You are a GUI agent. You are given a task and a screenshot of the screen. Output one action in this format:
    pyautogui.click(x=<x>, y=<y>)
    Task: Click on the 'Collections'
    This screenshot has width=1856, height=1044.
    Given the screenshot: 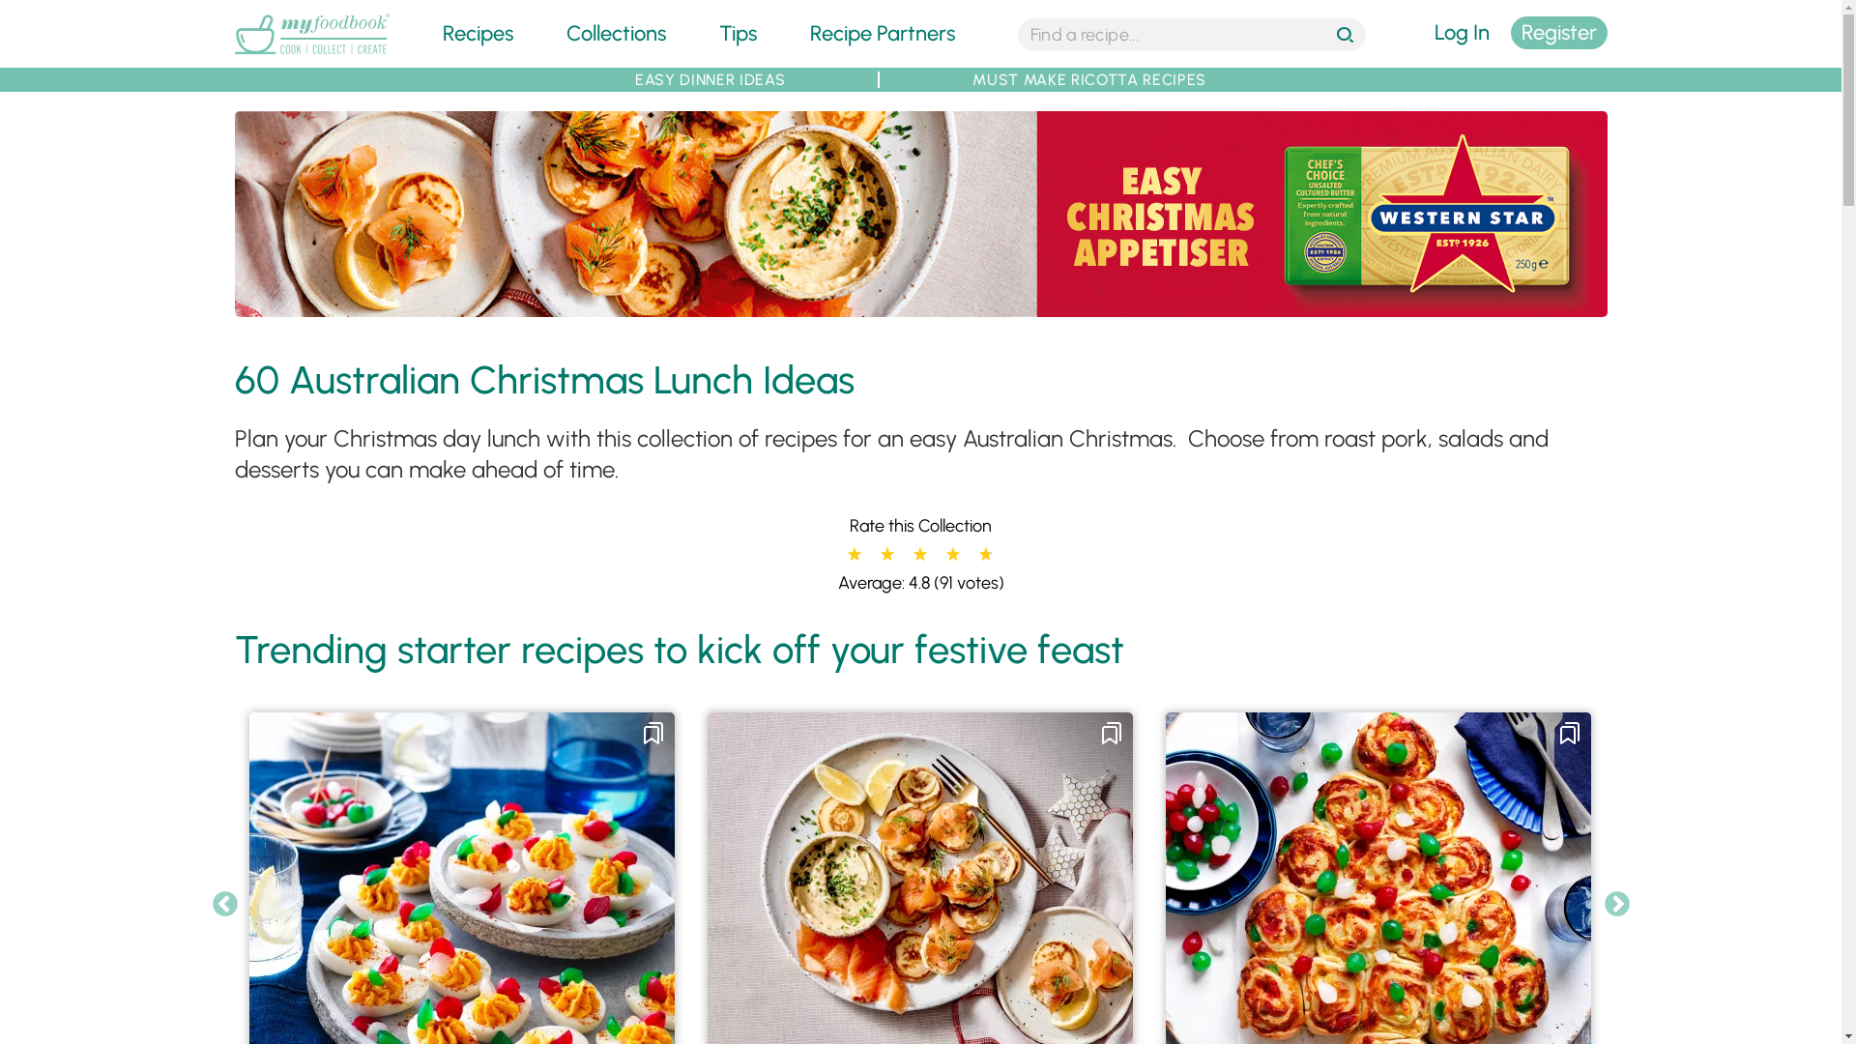 What is the action you would take?
    pyautogui.click(x=615, y=33)
    